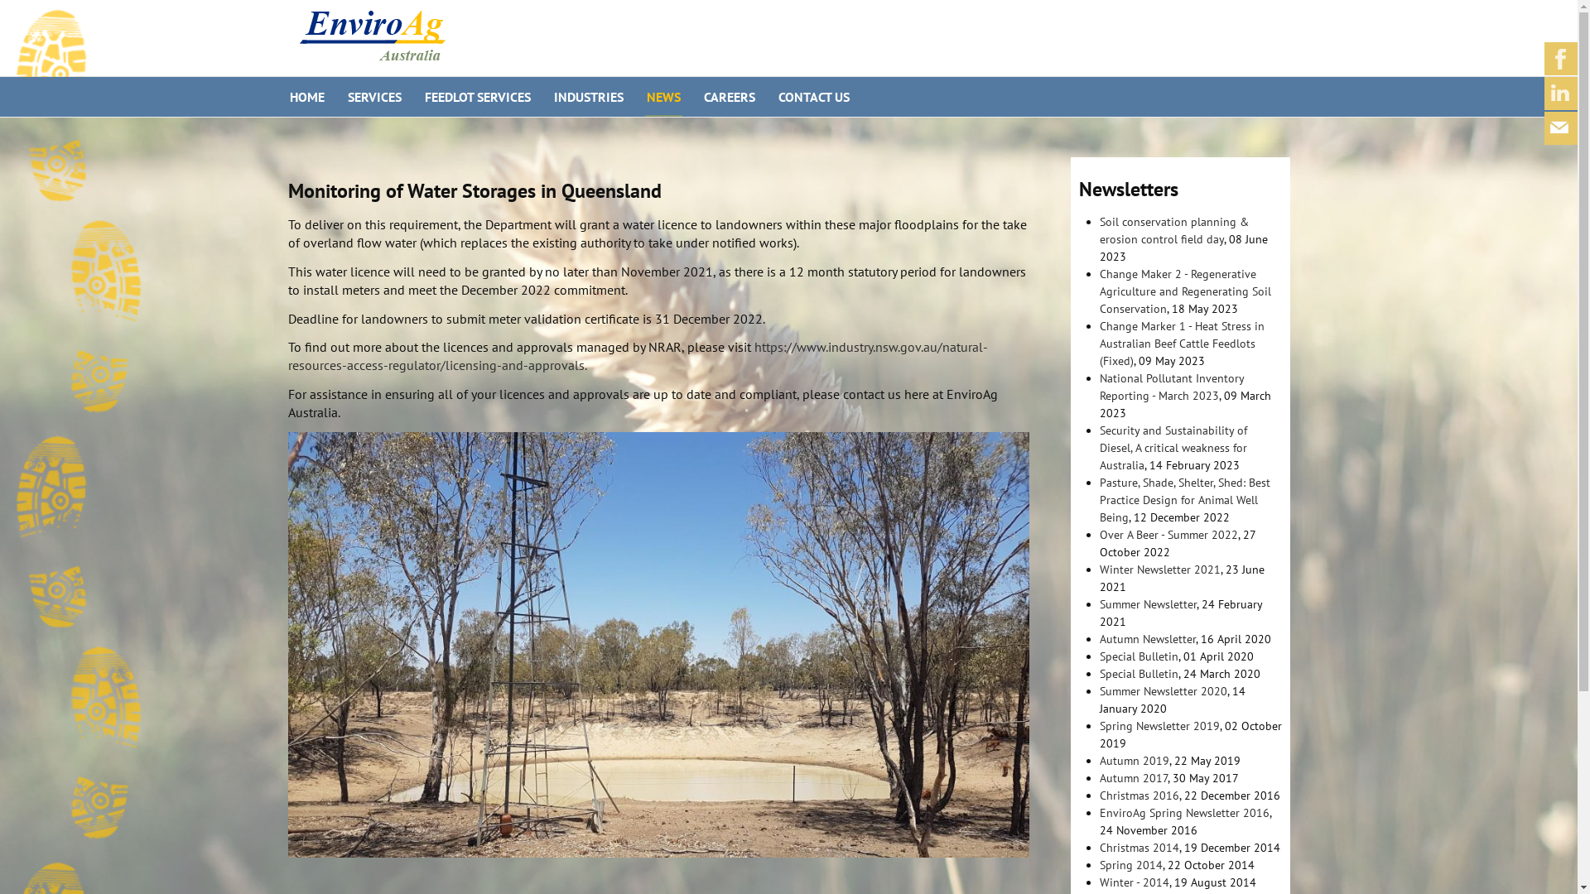 The width and height of the screenshot is (1590, 894). Describe the element at coordinates (1138, 673) in the screenshot. I see `'Special Bulletin'` at that location.